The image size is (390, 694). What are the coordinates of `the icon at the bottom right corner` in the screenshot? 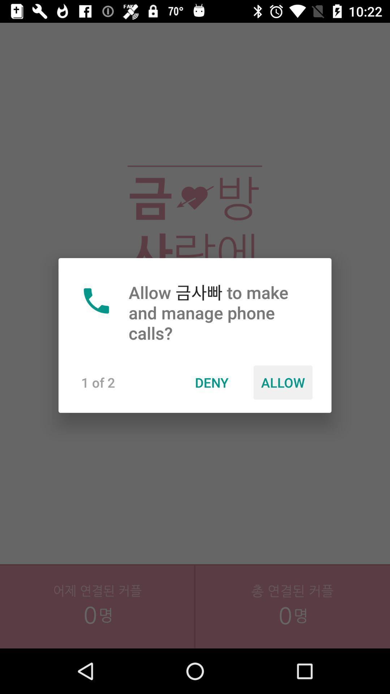 It's located at (292, 622).